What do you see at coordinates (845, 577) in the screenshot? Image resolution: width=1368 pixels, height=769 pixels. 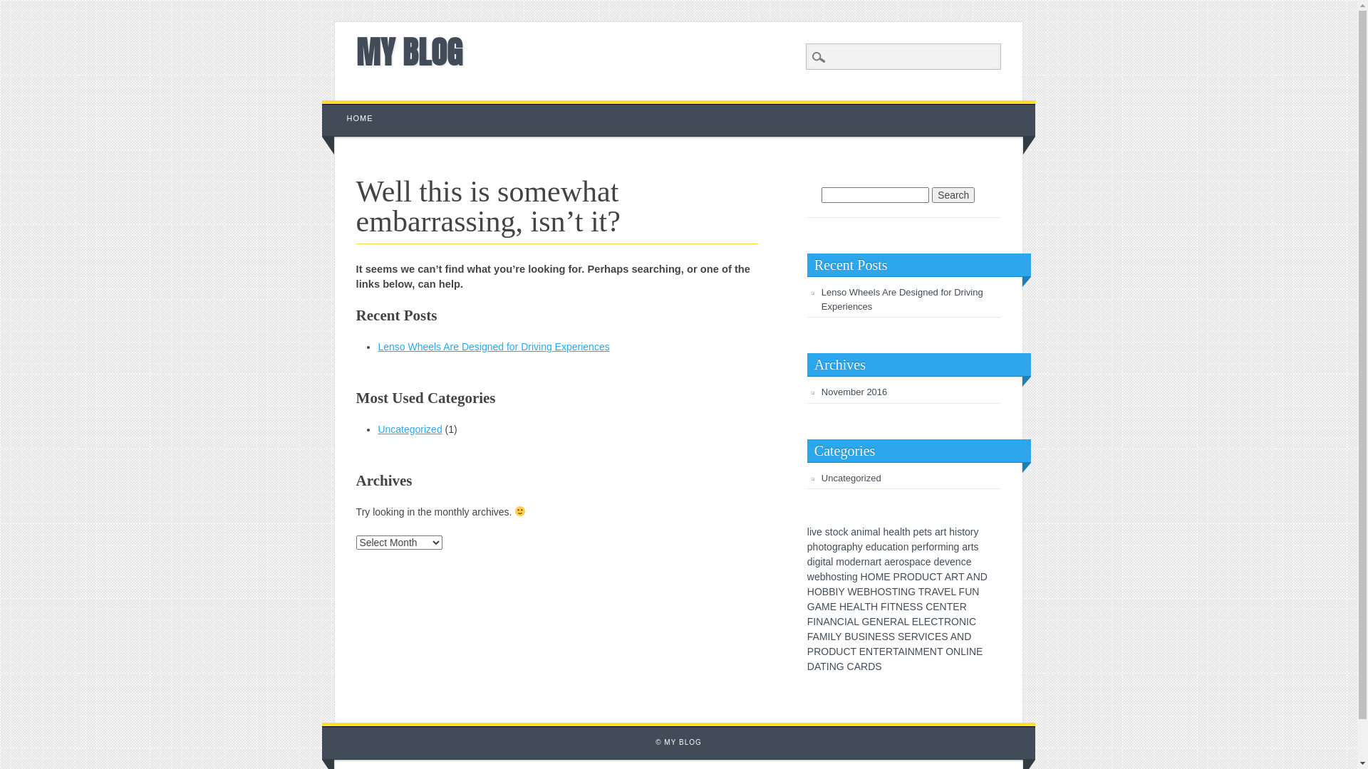 I see `'i'` at bounding box center [845, 577].